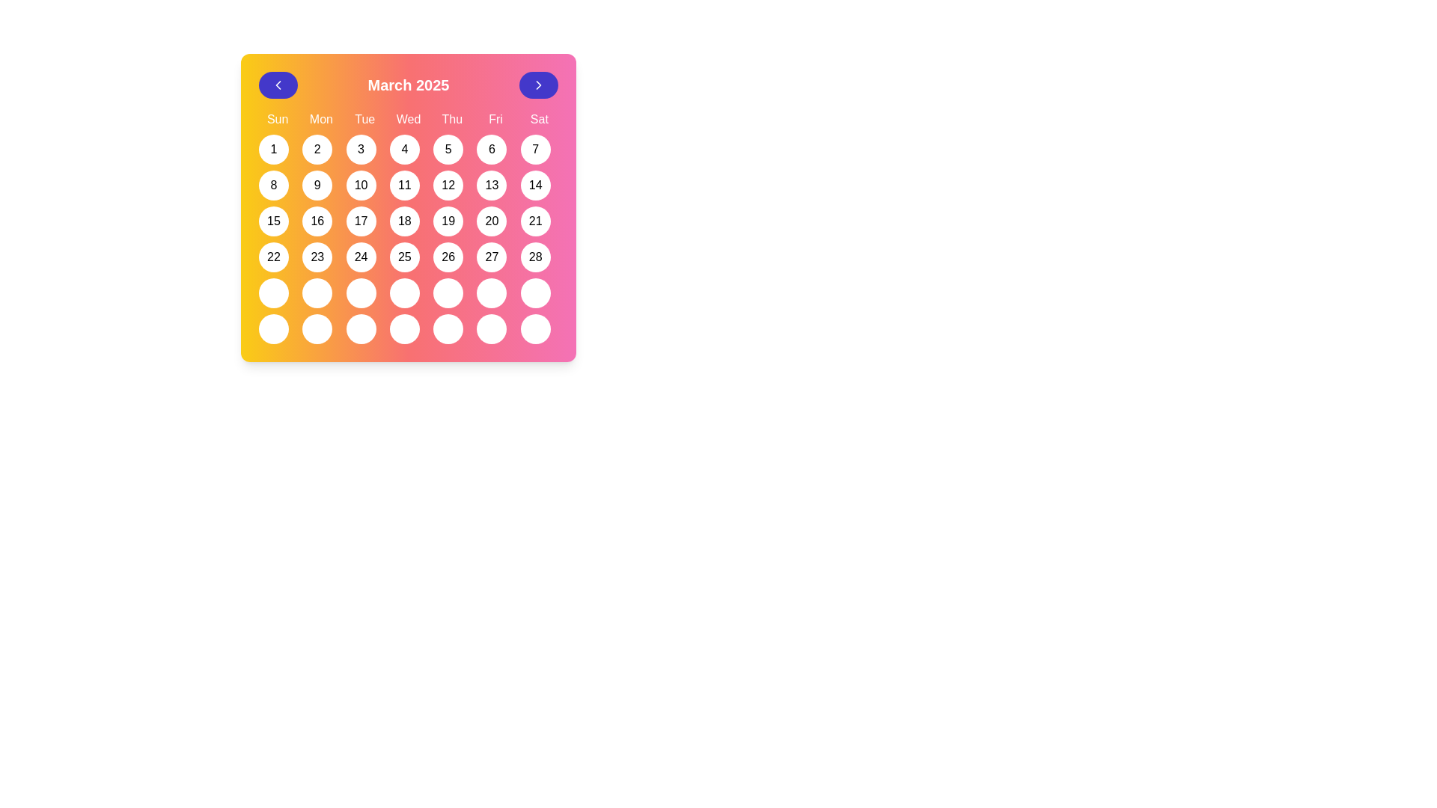  What do you see at coordinates (535, 150) in the screenshot?
I see `the circular button displaying the number '7' with a white background located under the 'Sat' column in the calendar layout` at bounding box center [535, 150].